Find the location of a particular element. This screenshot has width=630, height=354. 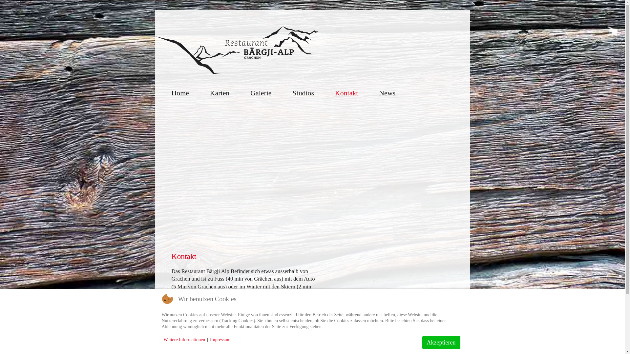

'Impressum' is located at coordinates (220, 340).